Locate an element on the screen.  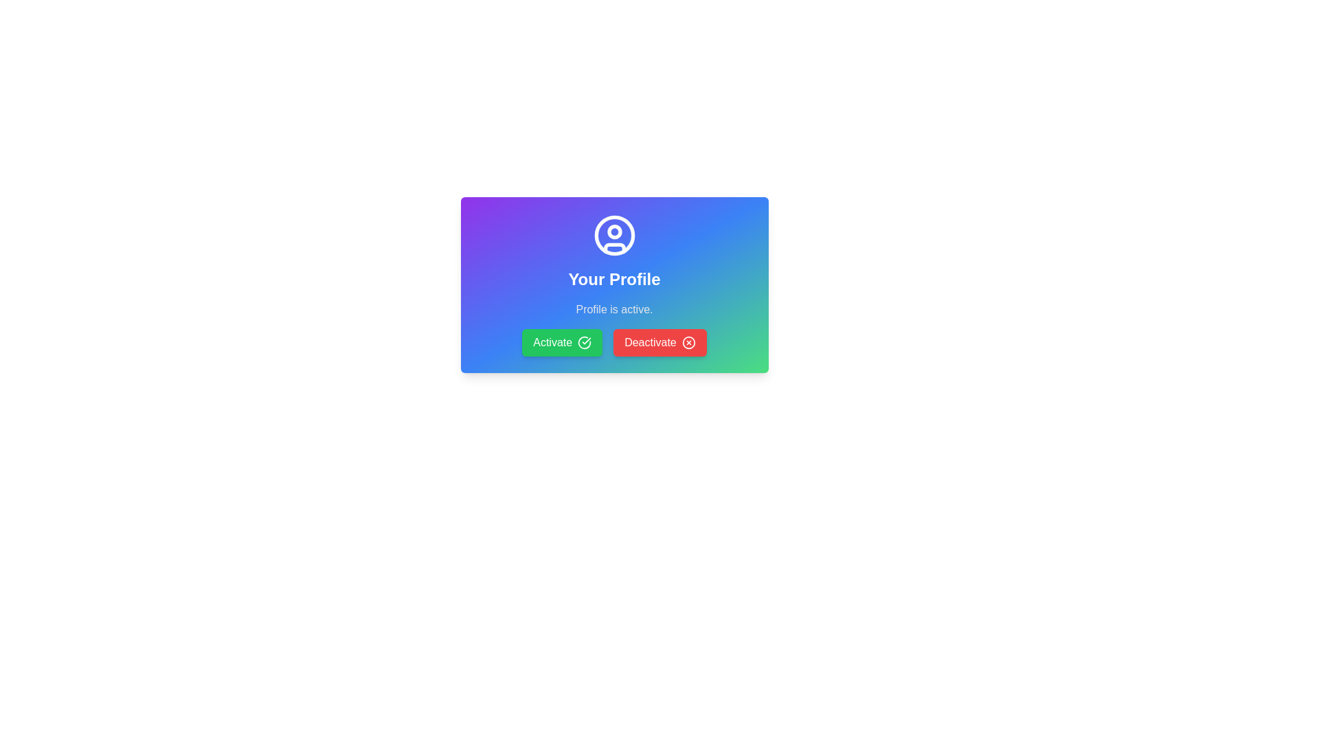
the center-aligned static text displaying 'Your Profile' in bold, which is located beneath a circular user icon and above the text 'Profile is active' is located at coordinates (613, 279).